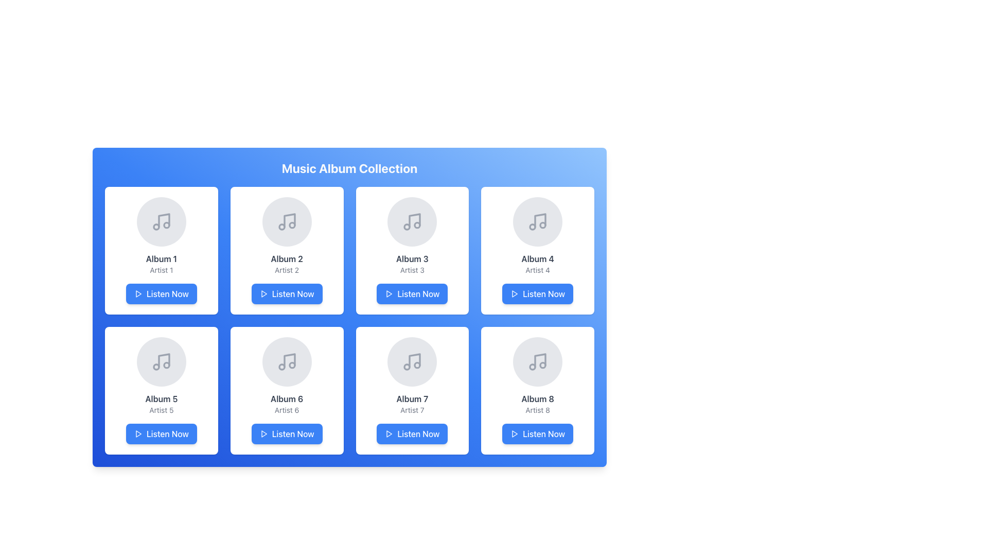  Describe the element at coordinates (533, 226) in the screenshot. I see `the circular graphical representation with a gray outer boundary located in the music icon for 'Album 4' in the top-right section of the album card grid` at that location.